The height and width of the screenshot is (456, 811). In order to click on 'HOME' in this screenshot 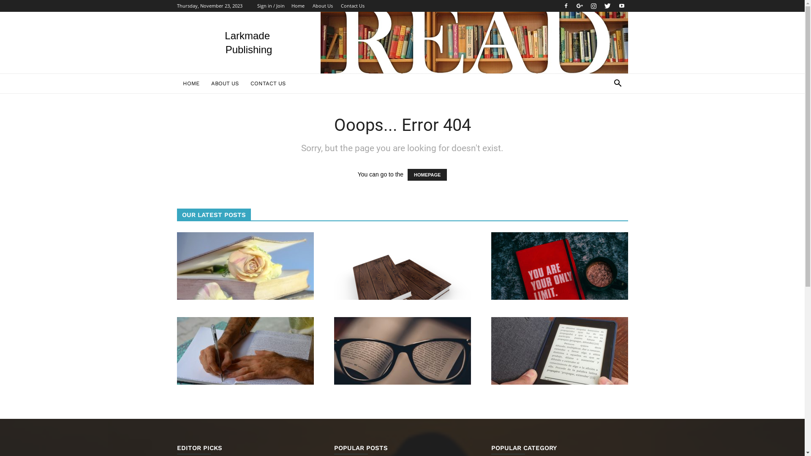, I will do `click(190, 83)`.